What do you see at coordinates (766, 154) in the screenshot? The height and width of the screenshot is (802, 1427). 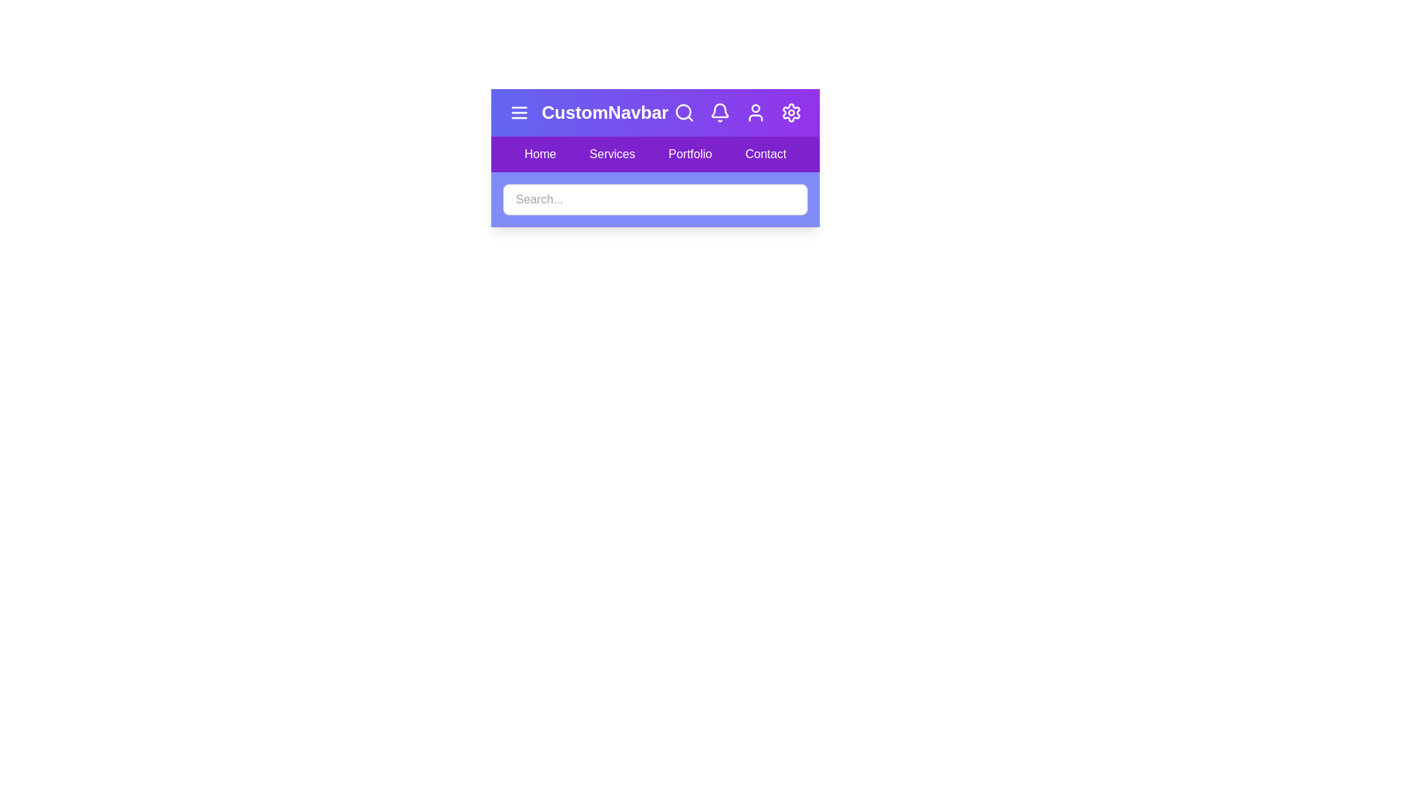 I see `the navigation link Contact` at bounding box center [766, 154].